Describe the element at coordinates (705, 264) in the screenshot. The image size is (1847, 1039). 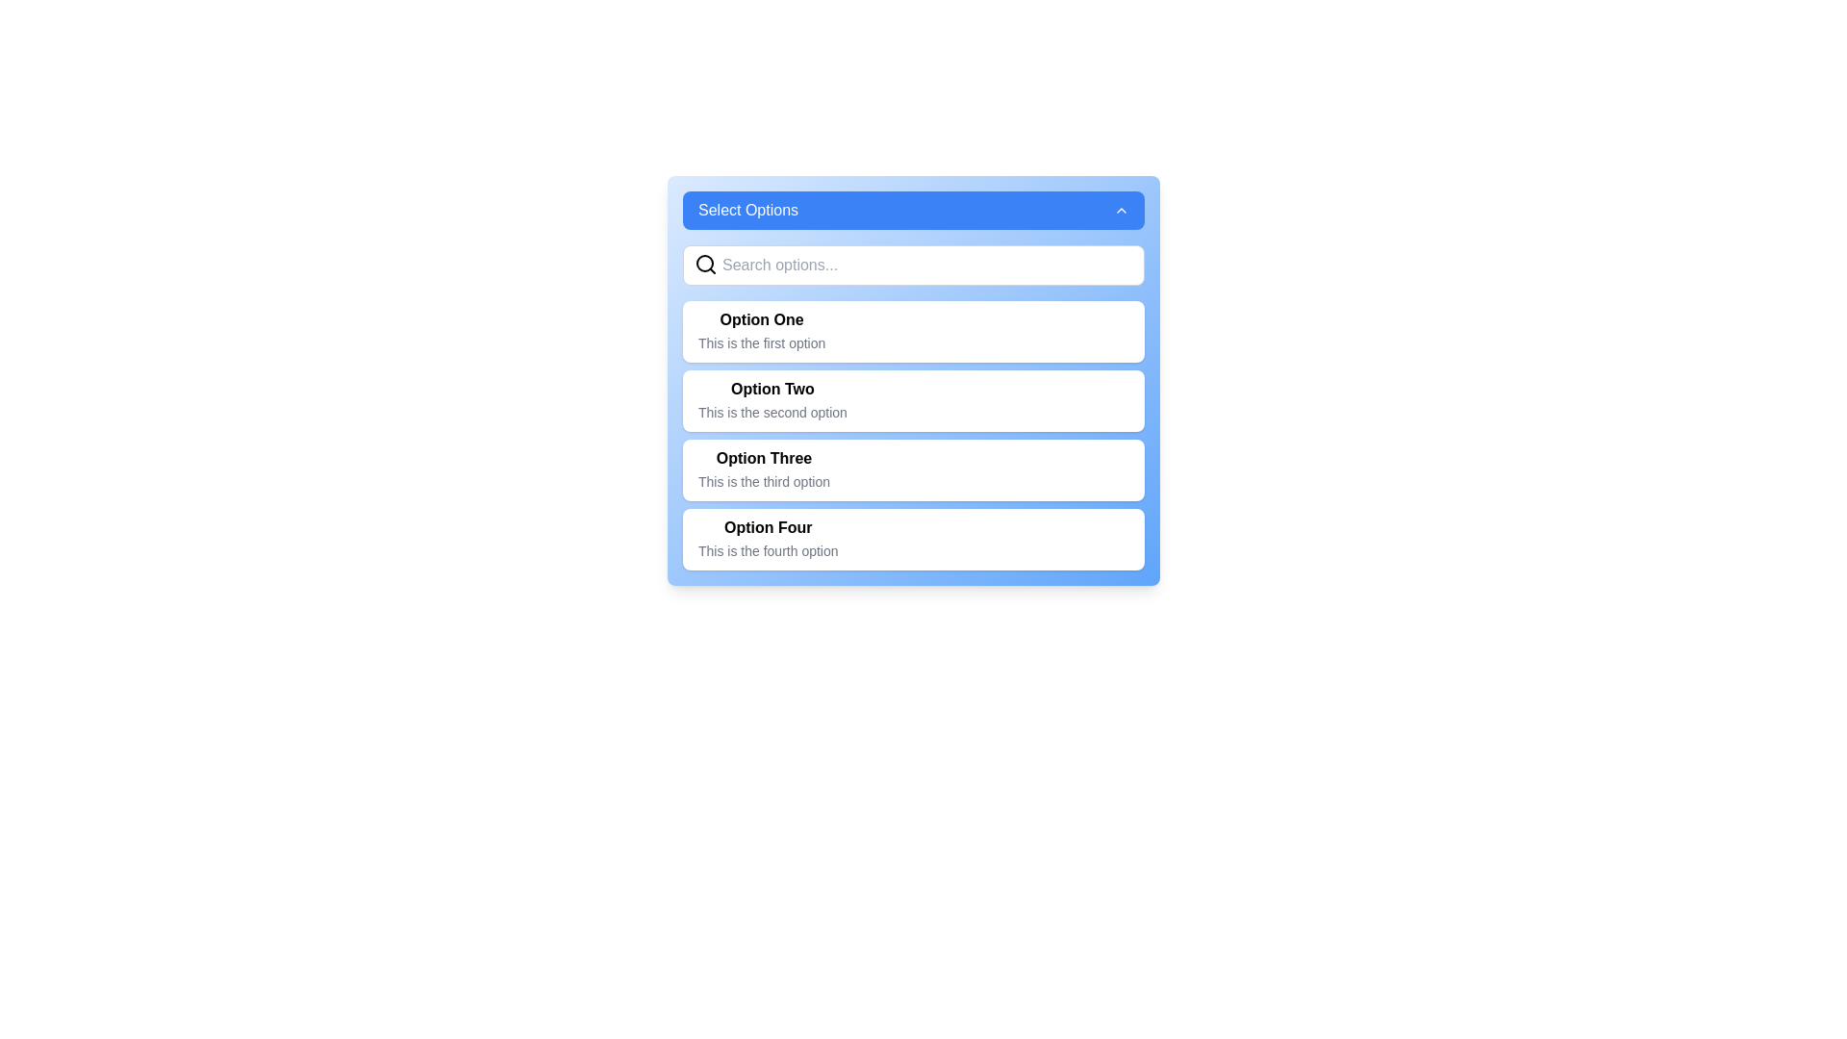
I see `the search action icon located toward the left side of the search field` at that location.